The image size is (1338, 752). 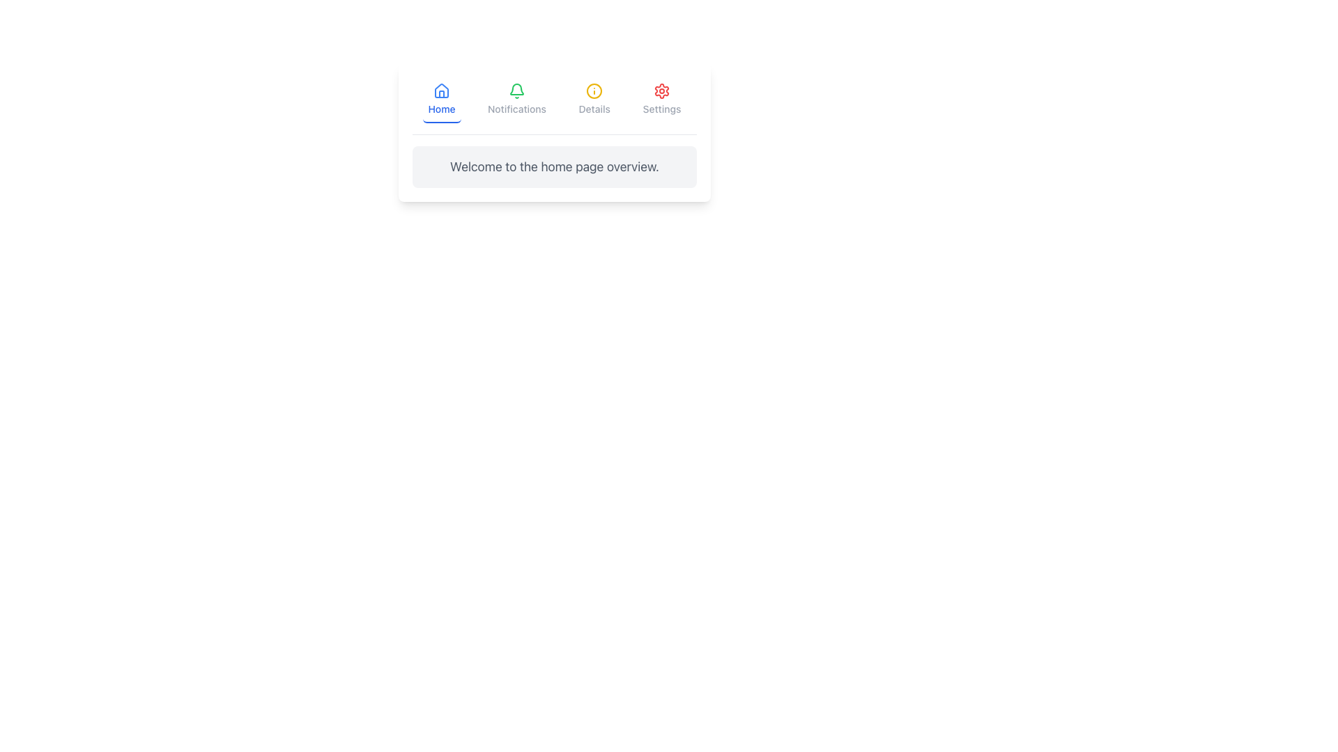 What do you see at coordinates (440, 109) in the screenshot?
I see `the 'Home' label which is positioned directly below the house icon in the navigation bar` at bounding box center [440, 109].